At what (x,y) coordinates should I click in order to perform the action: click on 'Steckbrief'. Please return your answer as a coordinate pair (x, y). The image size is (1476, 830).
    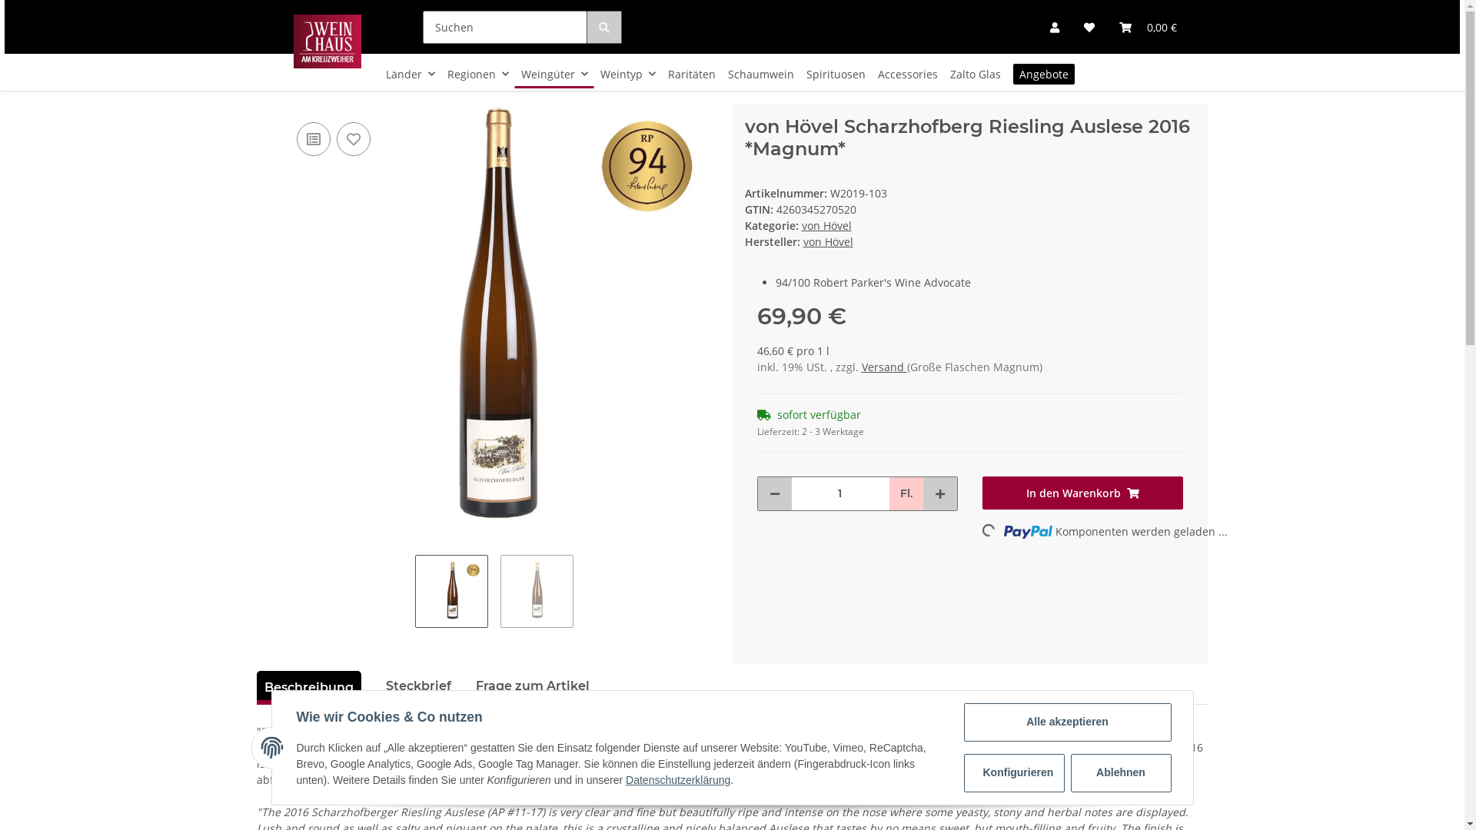
    Looking at the image, I should click on (418, 686).